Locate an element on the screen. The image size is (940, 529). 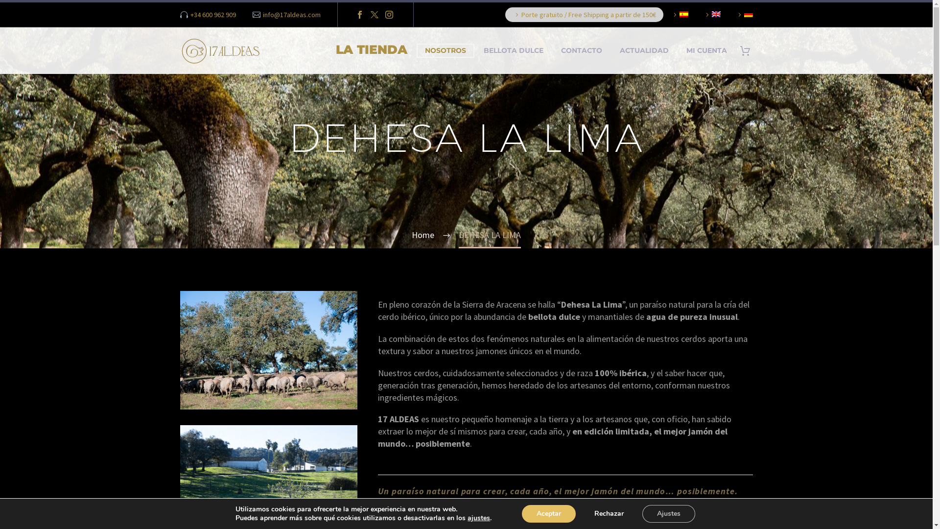
'Facebook' is located at coordinates (359, 15).